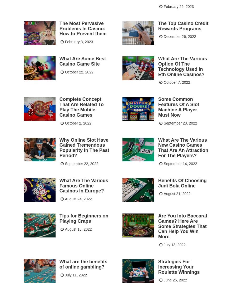 The width and height of the screenshot is (237, 283). I want to click on 'The Top Casino Credit Rewards Programs', so click(183, 25).